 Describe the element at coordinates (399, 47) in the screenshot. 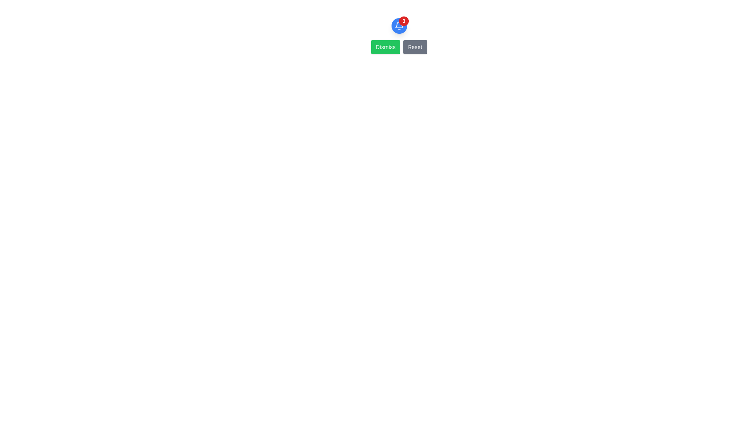

I see `the 'Dismiss' button, which is styled with a green background and white text, positioned on the left side of a composite UI component containing two horizontally aligned buttons` at that location.